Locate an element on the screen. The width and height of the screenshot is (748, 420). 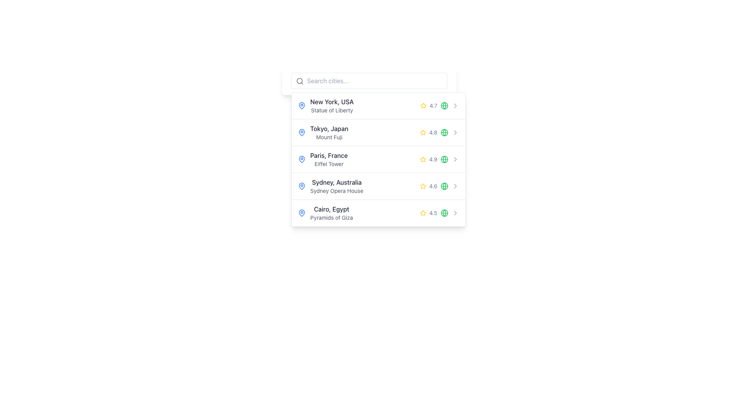
the circular graphical component with a green outline and white interior that is part of the globe icon, located in the 'Paris, France' entry of the list is located at coordinates (444, 159).